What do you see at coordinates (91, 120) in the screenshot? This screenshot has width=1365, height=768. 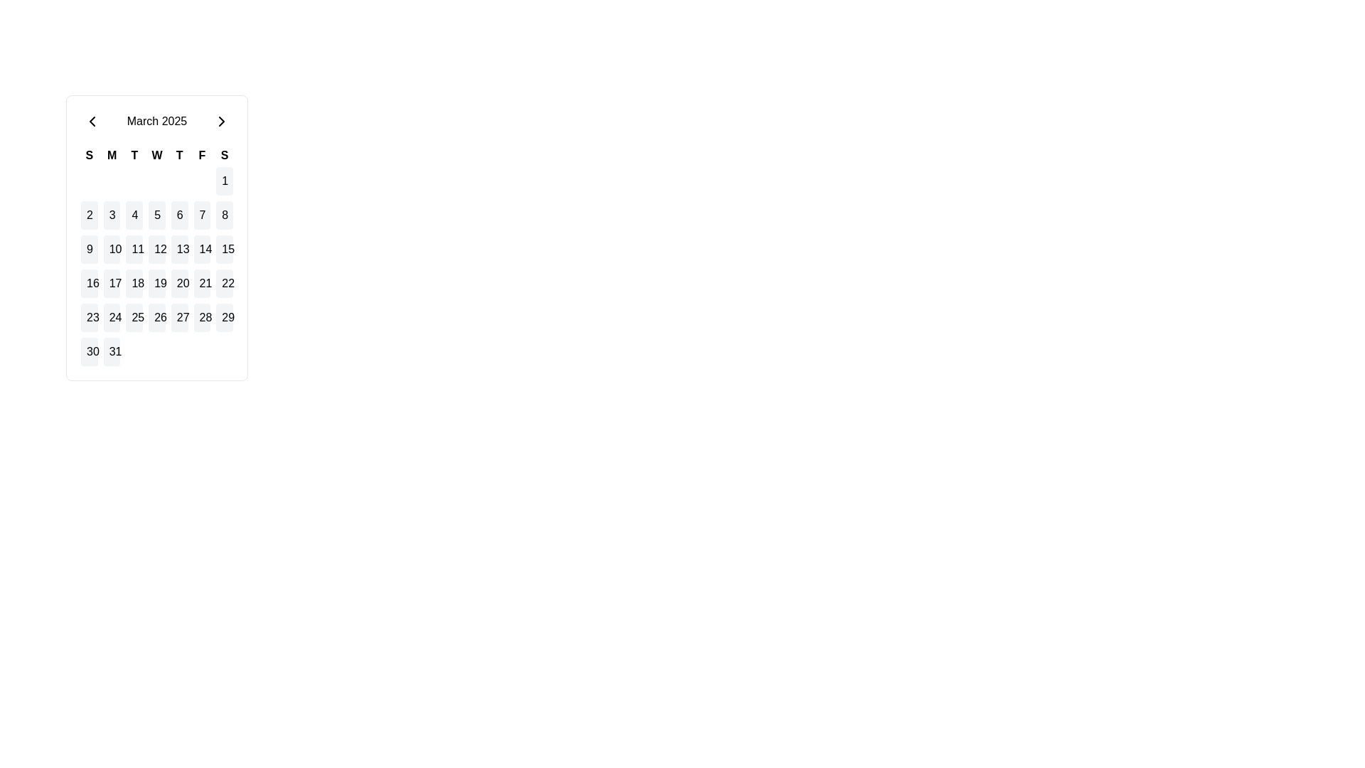 I see `the small left-pointing arrow icon, which is a compact graphical element styled as a chevron, located to the left of the 'March 2025' text label at the top of the calendar interface` at bounding box center [91, 120].